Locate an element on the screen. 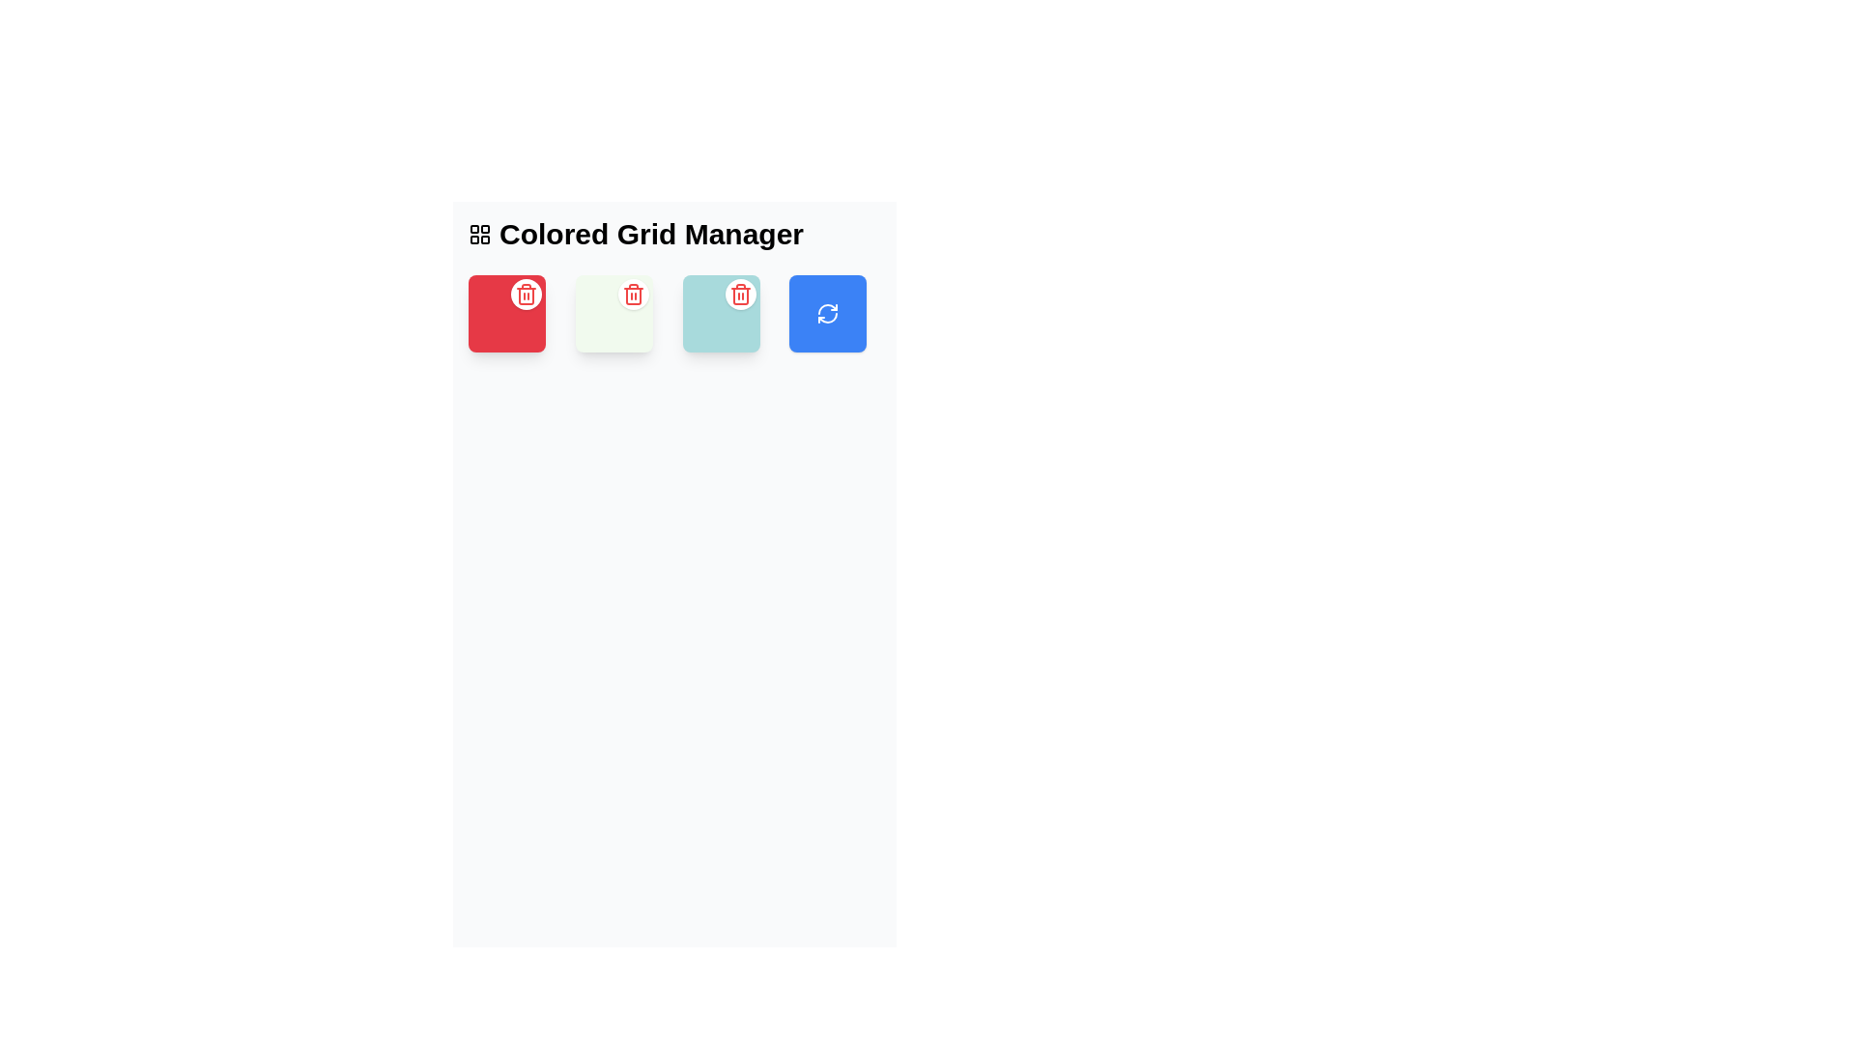 This screenshot has height=1043, width=1855. the textual header 'Colored Grid Manager', which is bold and large, located near the top of the interface, centered horizontally above a grid of colored square items is located at coordinates (674, 234).